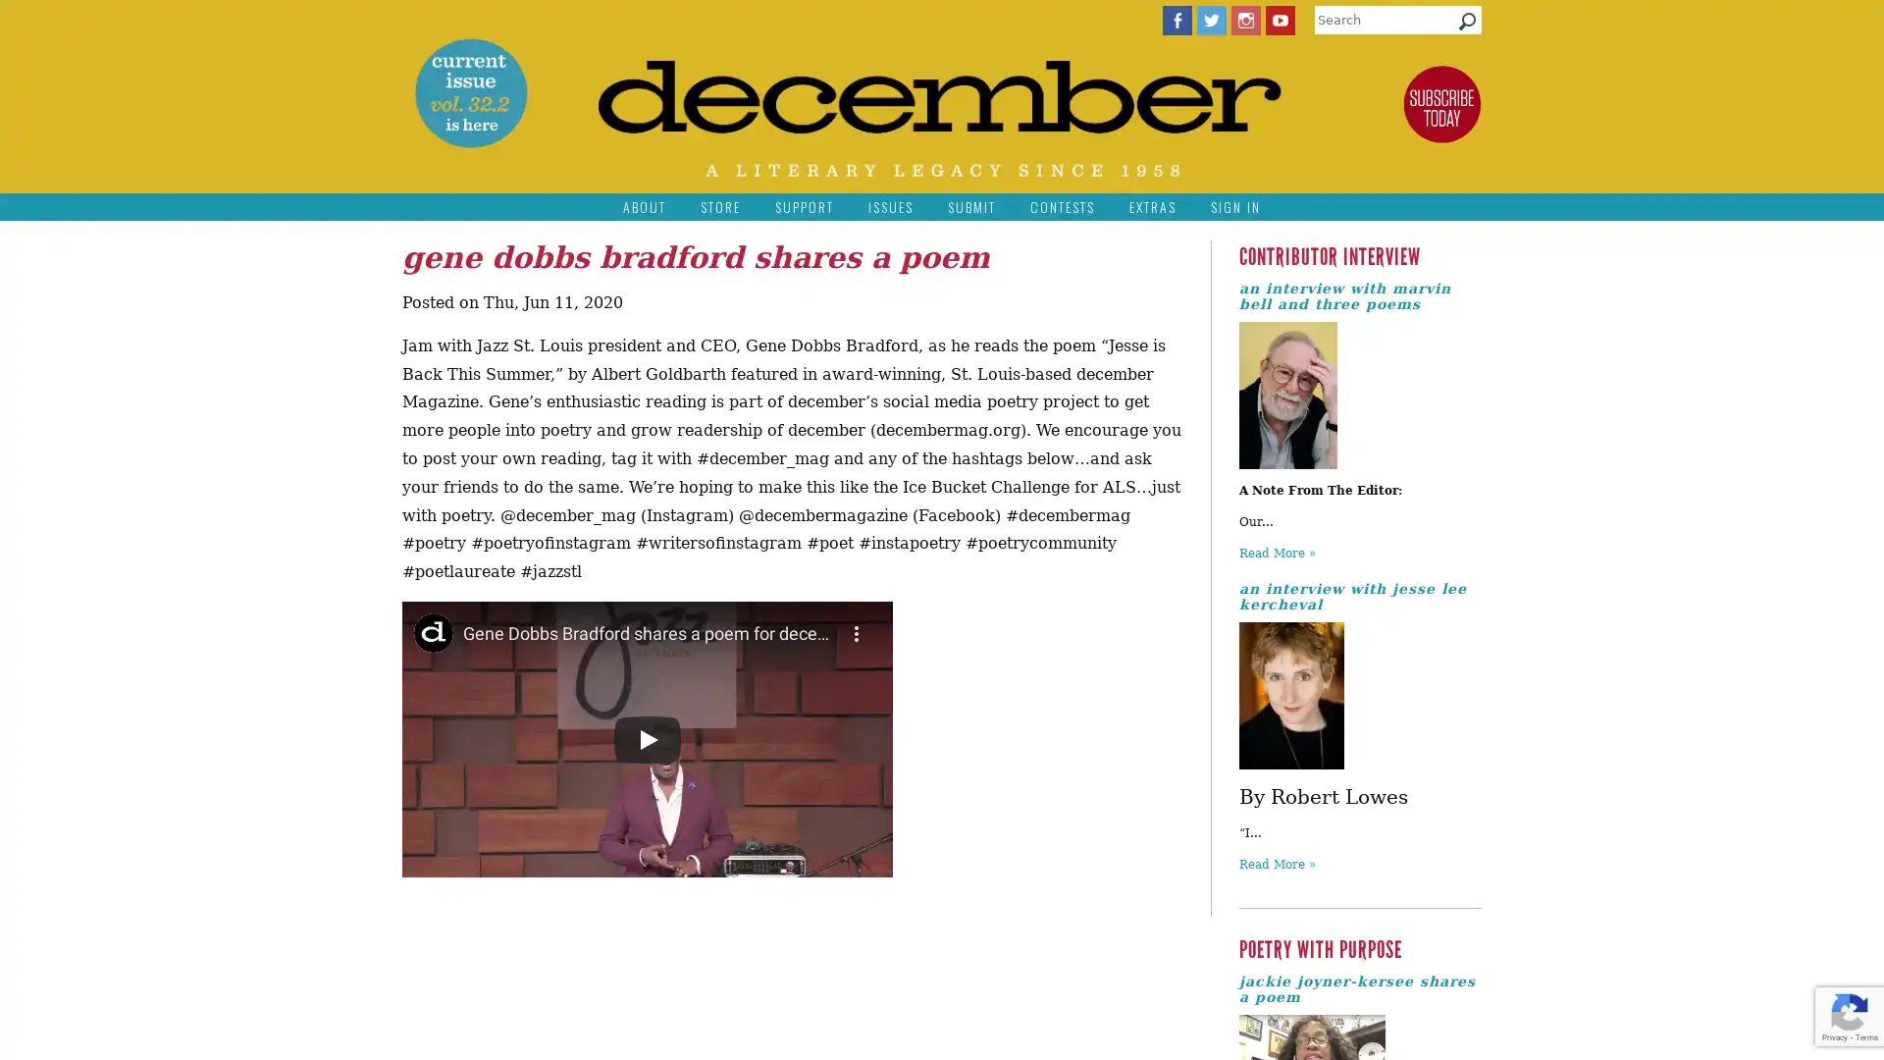 Image resolution: width=1884 pixels, height=1060 pixels. Describe the element at coordinates (1467, 26) in the screenshot. I see `Search` at that location.